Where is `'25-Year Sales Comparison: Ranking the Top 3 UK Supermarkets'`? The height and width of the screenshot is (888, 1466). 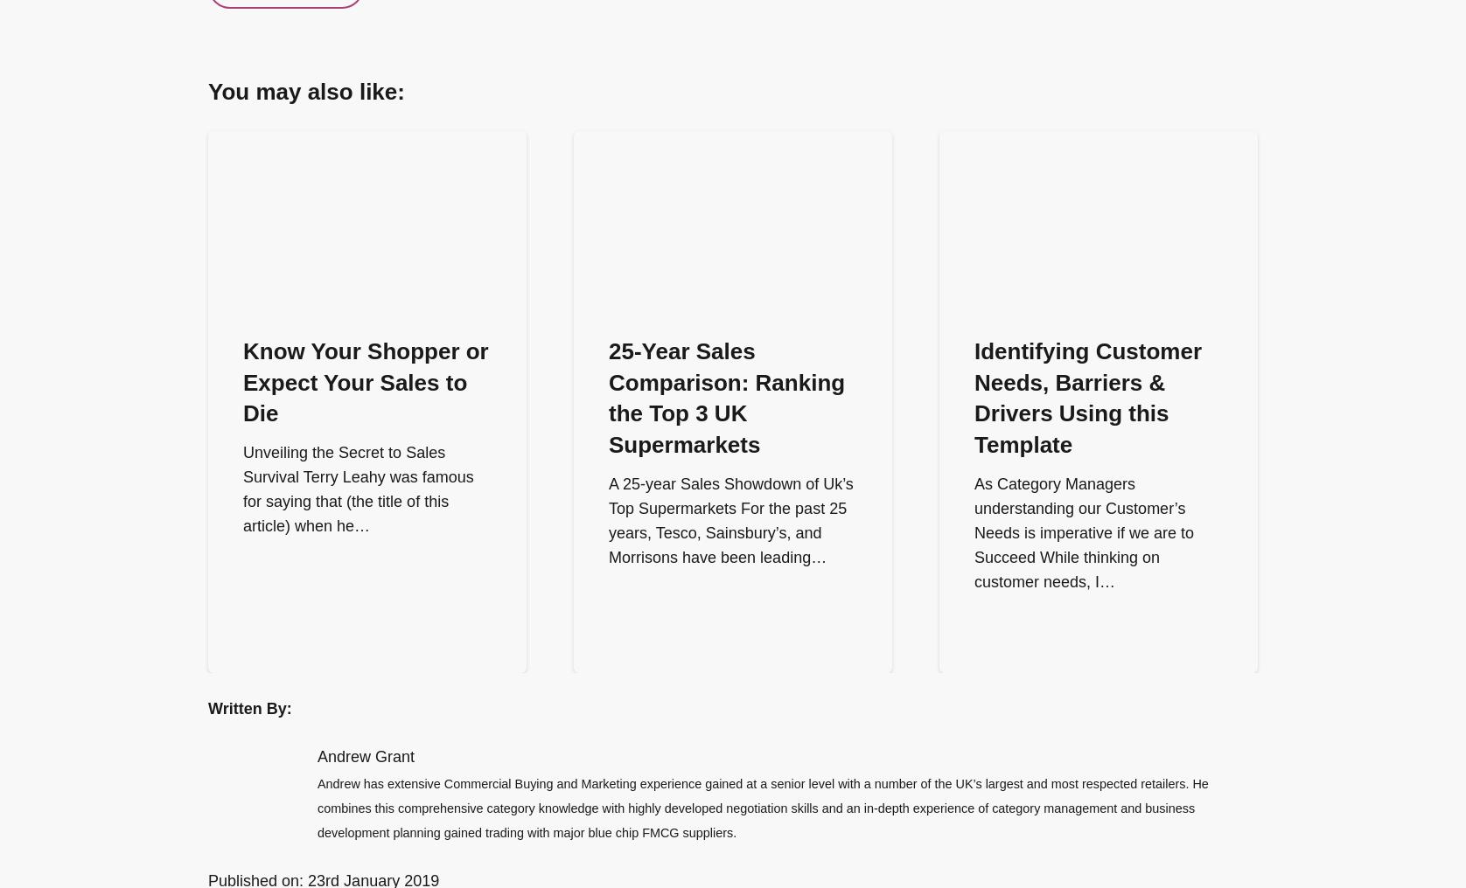
'25-Year Sales Comparison: Ranking the Top 3 UK Supermarkets' is located at coordinates (725, 397).